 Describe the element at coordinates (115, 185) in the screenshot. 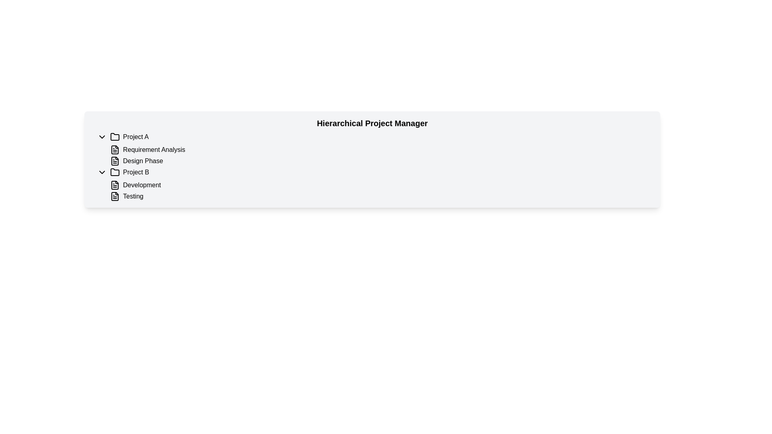

I see `the document icon associated with the 'Development' task in the expanded view of 'Project B', located next to the text label 'Development'` at that location.